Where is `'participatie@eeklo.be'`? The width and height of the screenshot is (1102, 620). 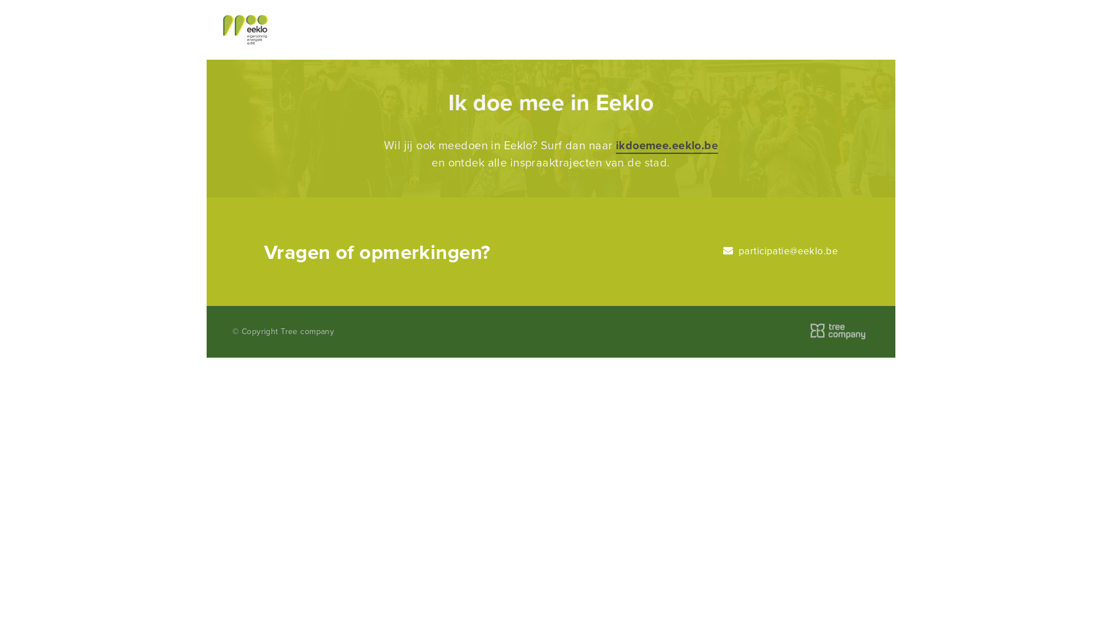
'participatie@eeklo.be' is located at coordinates (780, 250).